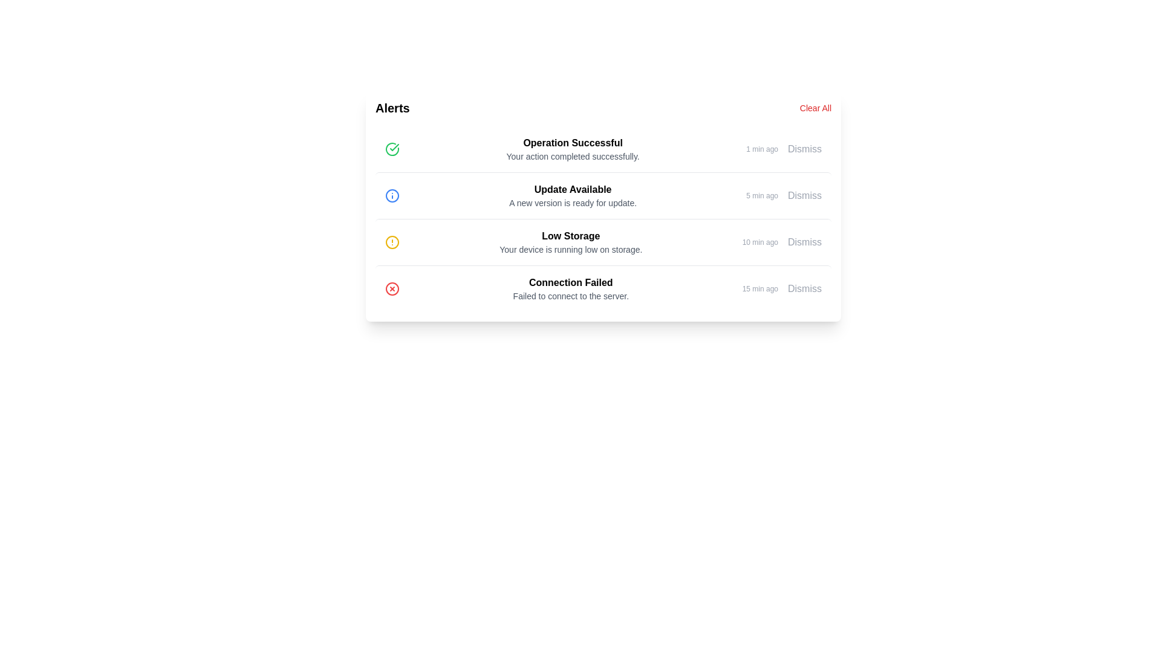 Image resolution: width=1161 pixels, height=653 pixels. What do you see at coordinates (570, 236) in the screenshot?
I see `the text label that serves as the title for the third notification in the 'Alerts' section, which informs the user about system status` at bounding box center [570, 236].